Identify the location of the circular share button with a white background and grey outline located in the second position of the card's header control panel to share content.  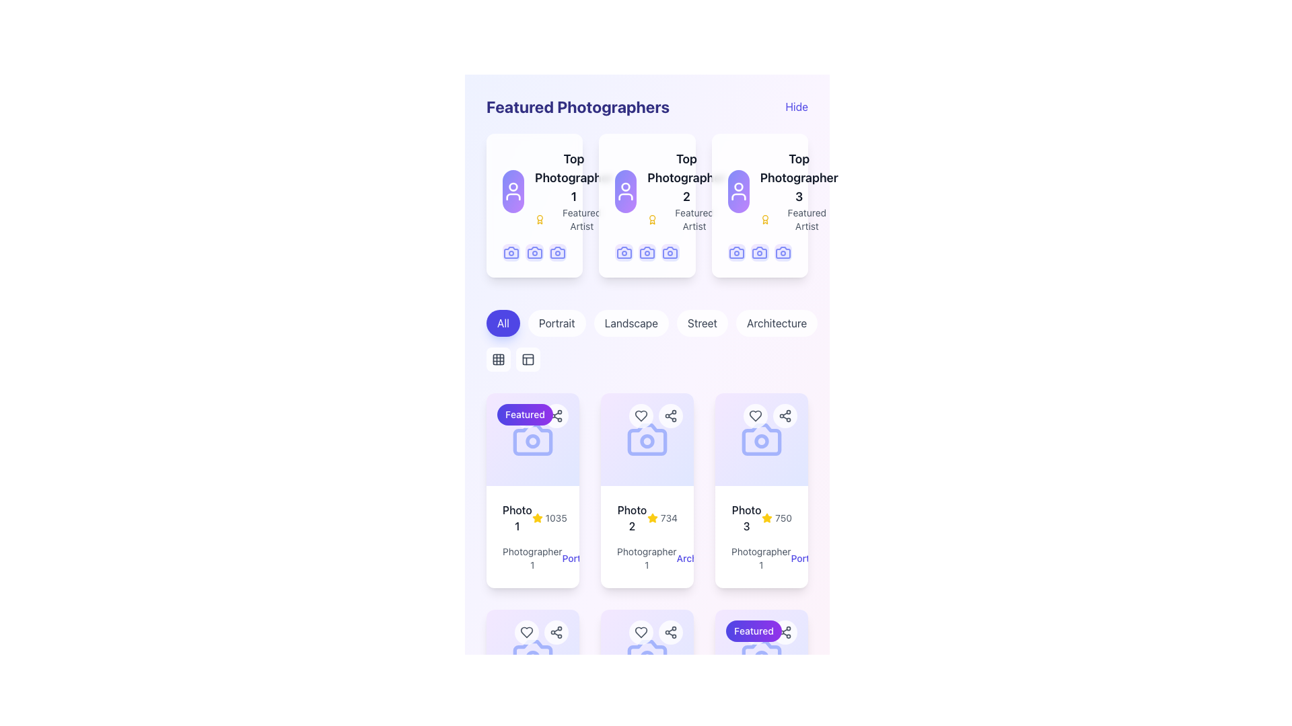
(671, 633).